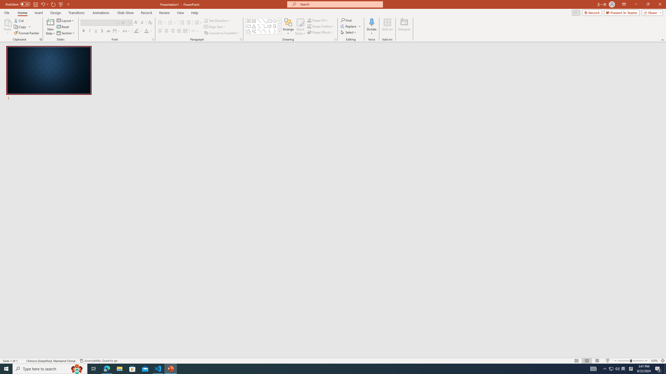 This screenshot has width=666, height=374. I want to click on 'Increase Indent', so click(189, 23).